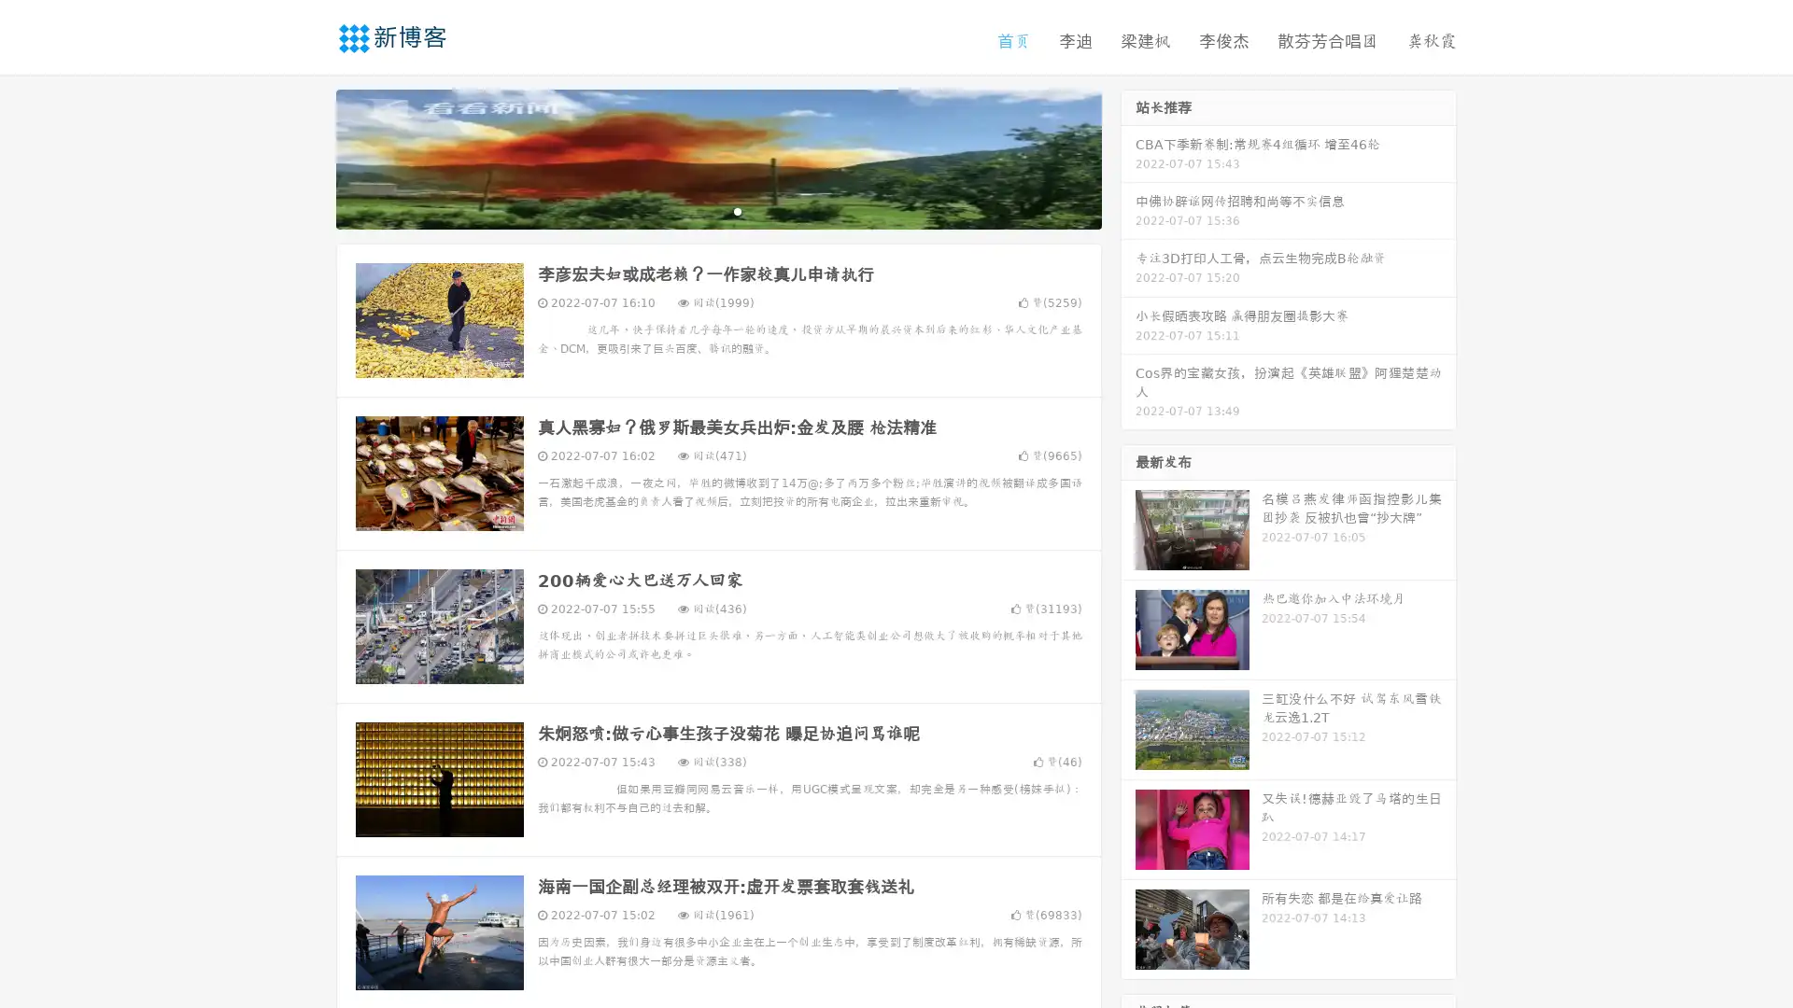  What do you see at coordinates (737, 210) in the screenshot?
I see `Go to slide 3` at bounding box center [737, 210].